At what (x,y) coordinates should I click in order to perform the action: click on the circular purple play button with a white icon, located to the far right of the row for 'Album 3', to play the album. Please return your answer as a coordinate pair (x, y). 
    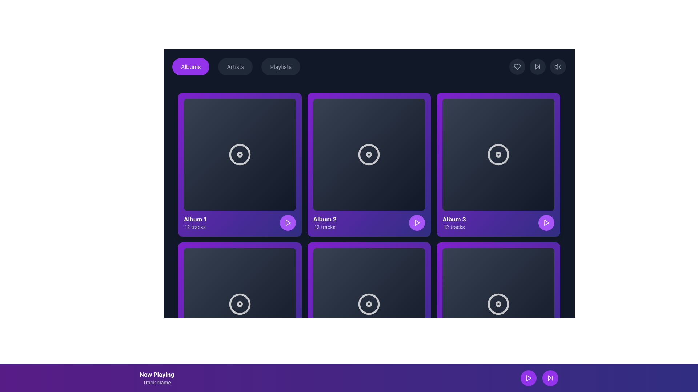
    Looking at the image, I should click on (546, 222).